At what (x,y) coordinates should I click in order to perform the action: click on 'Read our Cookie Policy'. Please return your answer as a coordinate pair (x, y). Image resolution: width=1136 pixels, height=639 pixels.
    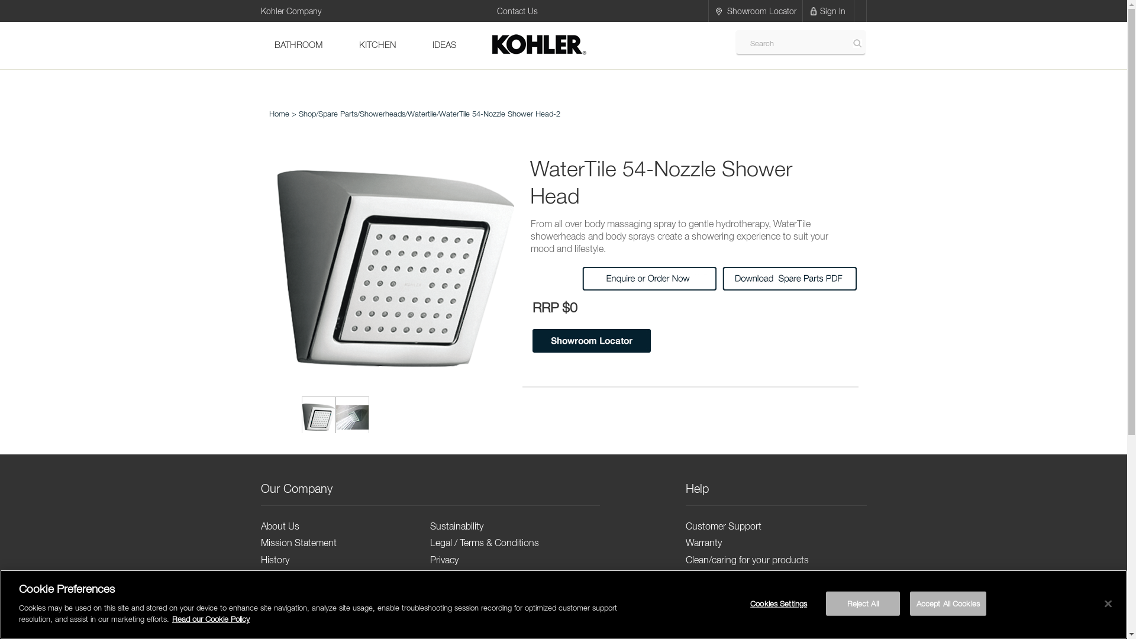
    Looking at the image, I should click on (211, 618).